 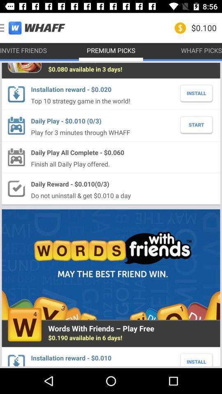 I want to click on icon next to the premium picks item, so click(x=23, y=50).